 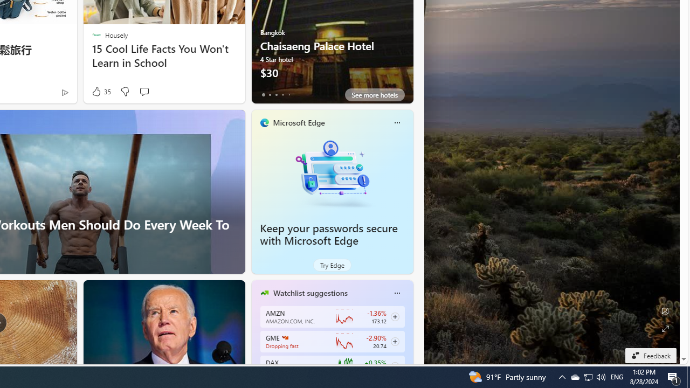 I want to click on 'tab-0', so click(x=263, y=94).